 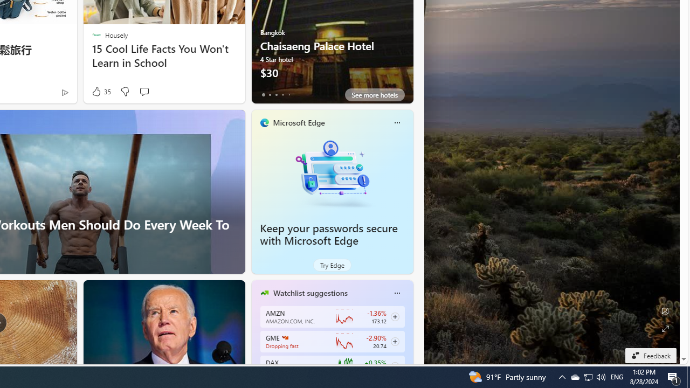 I want to click on 'tab-0', so click(x=263, y=94).